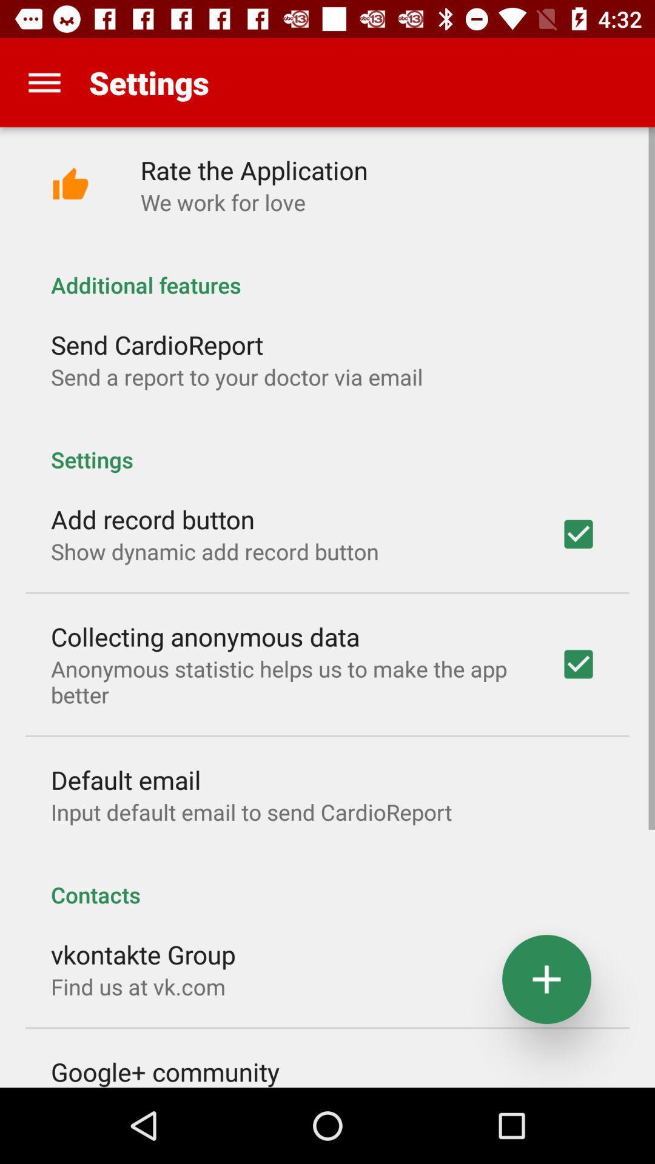  What do you see at coordinates (214, 550) in the screenshot?
I see `show dynamic add app` at bounding box center [214, 550].